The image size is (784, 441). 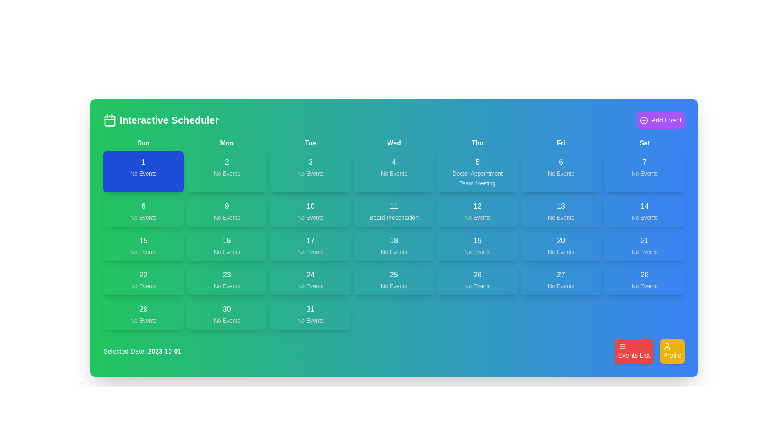 I want to click on the static text element displaying the number '1', which is styled in white bold font against a blue background, located in the first column labeled 'Sun', so click(x=143, y=162).